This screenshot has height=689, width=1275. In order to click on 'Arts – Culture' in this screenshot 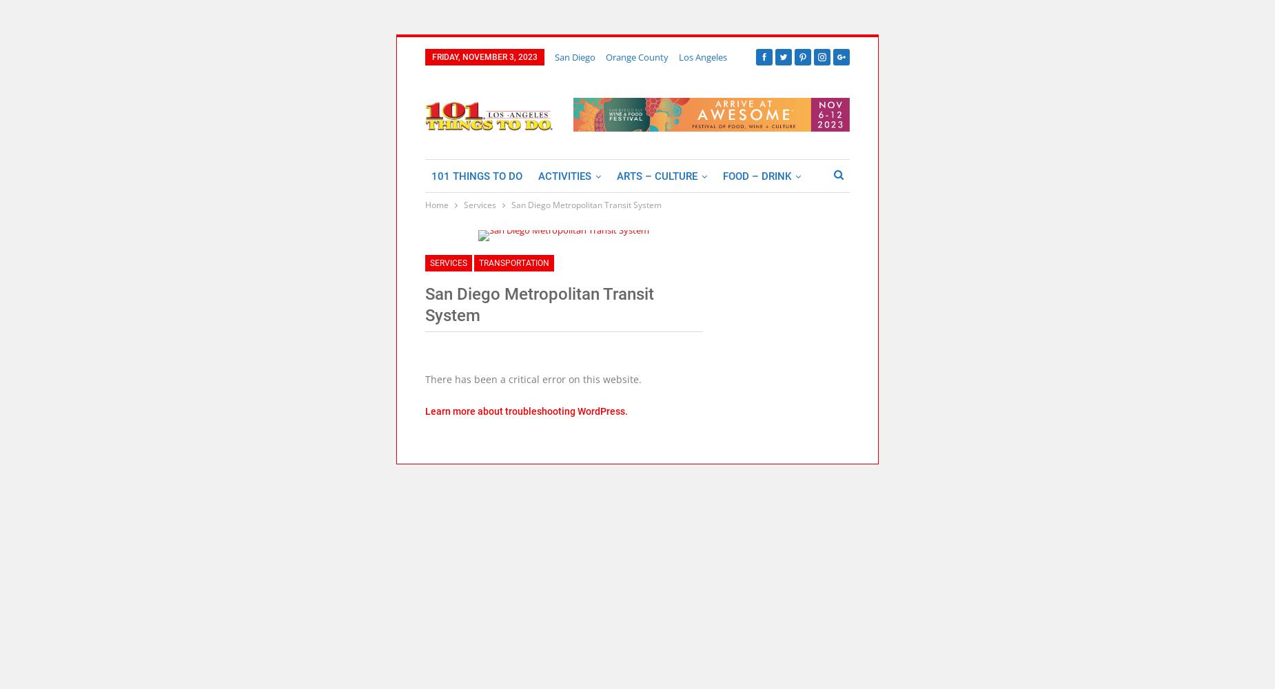, I will do `click(656, 176)`.